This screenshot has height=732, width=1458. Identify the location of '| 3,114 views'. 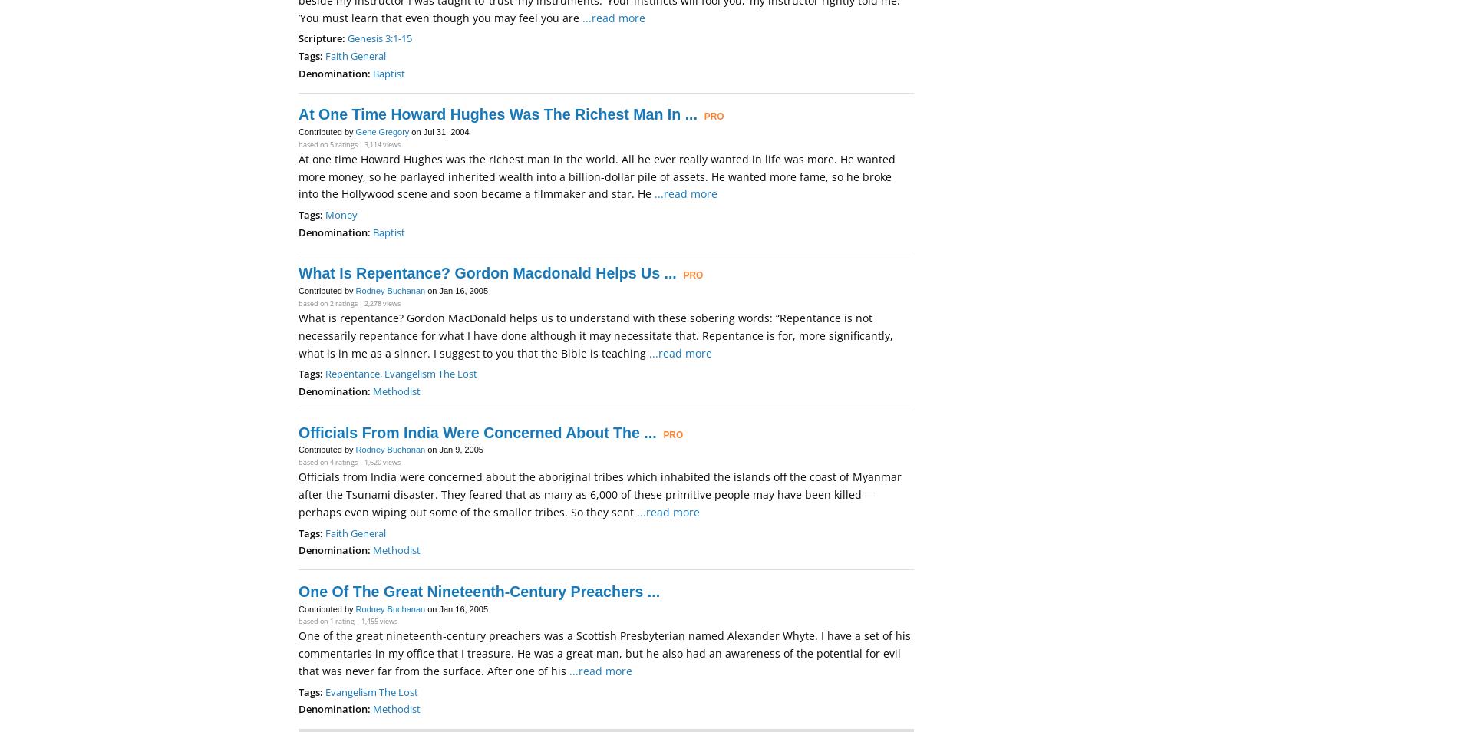
(379, 143).